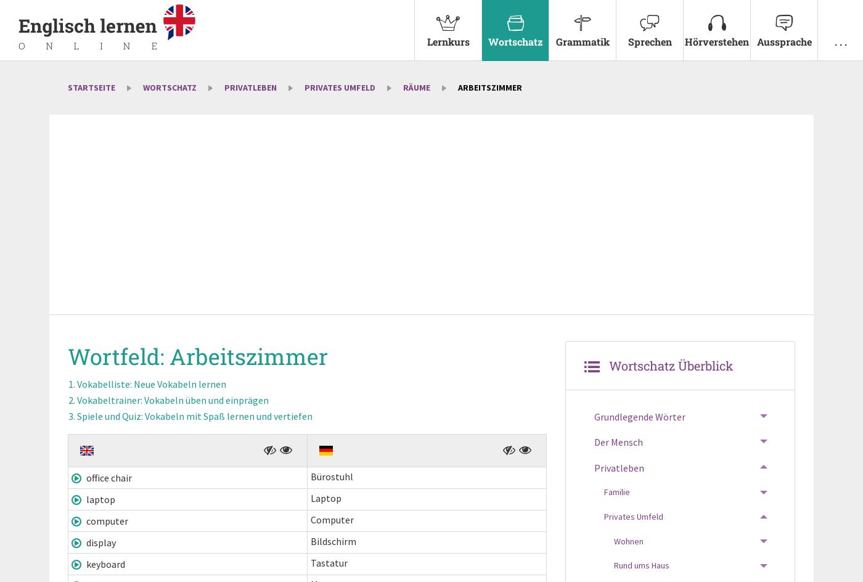 Image resolution: width=863 pixels, height=582 pixels. Describe the element at coordinates (594, 416) in the screenshot. I see `'Grundlegende Wörter'` at that location.